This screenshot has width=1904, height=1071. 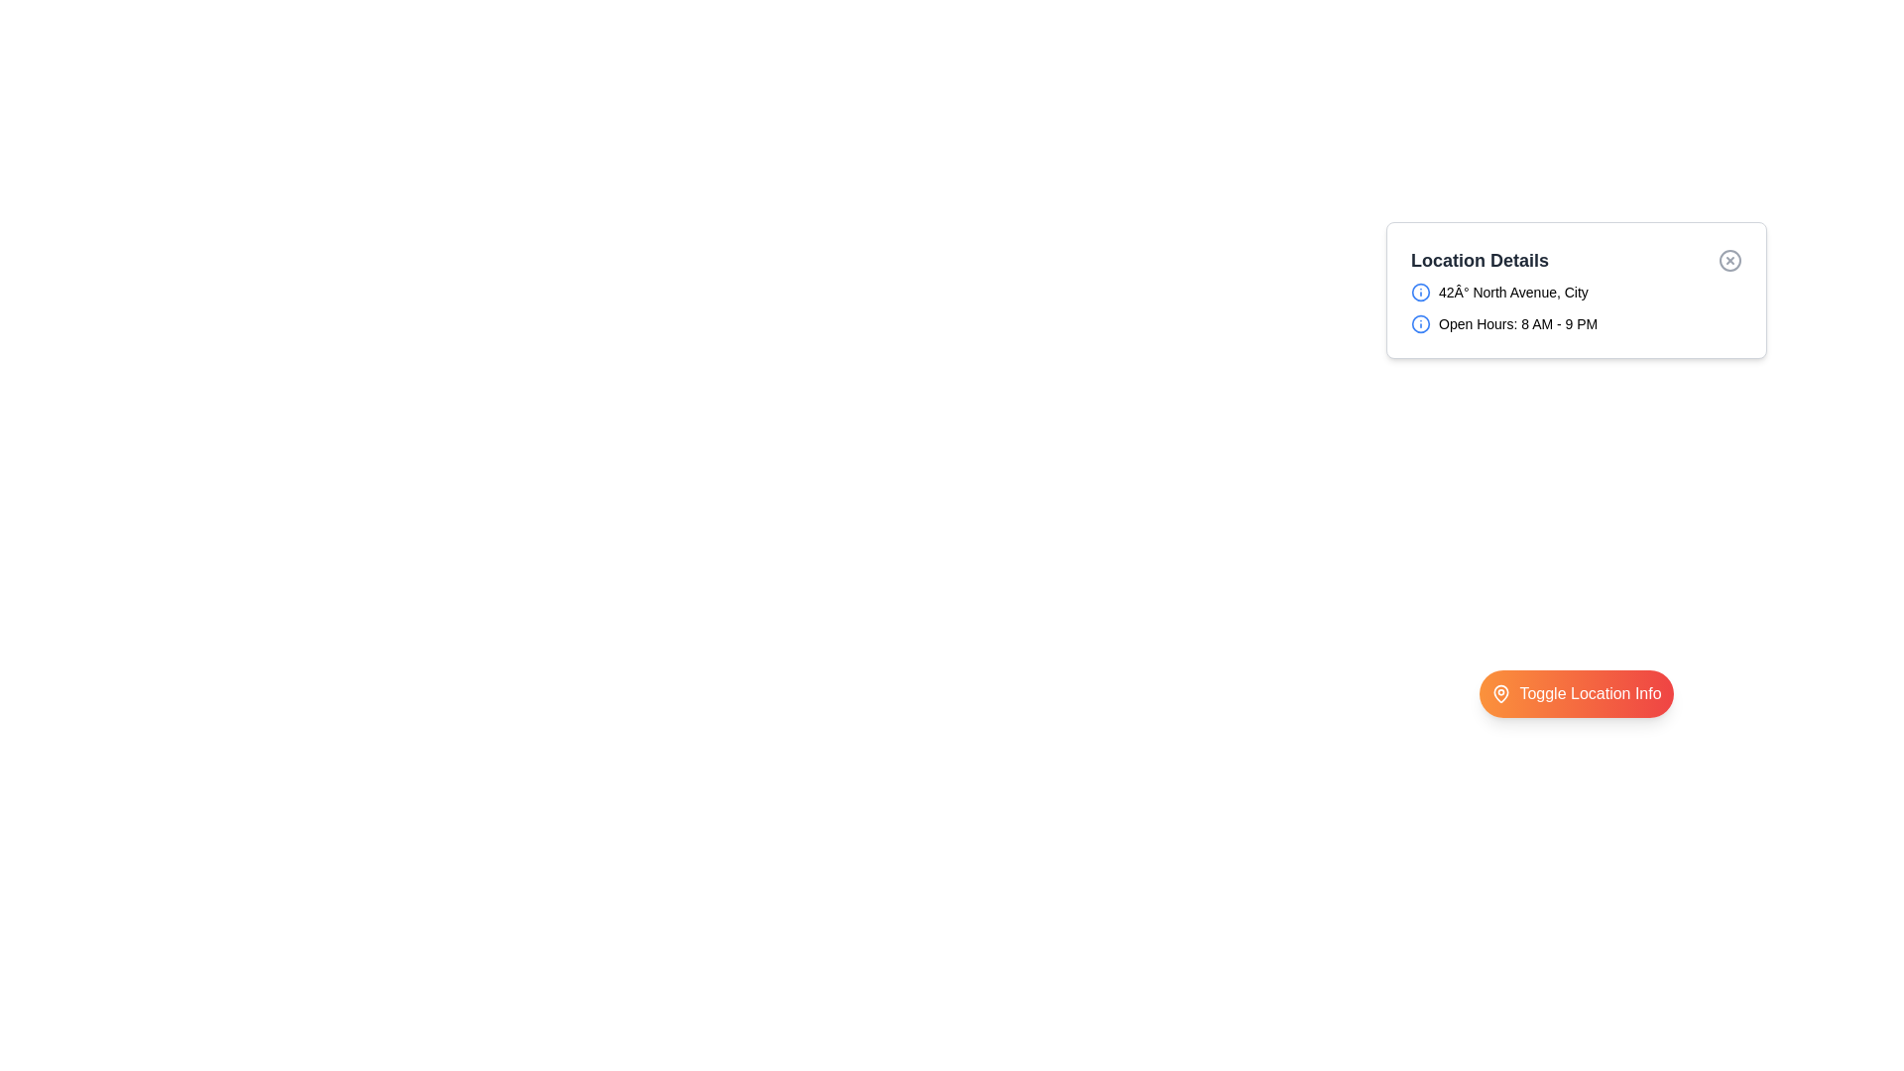 What do you see at coordinates (1575, 292) in the screenshot?
I see `the text display showing the address in the 'Location Details' card, which is positioned in the upper half of the interface` at bounding box center [1575, 292].